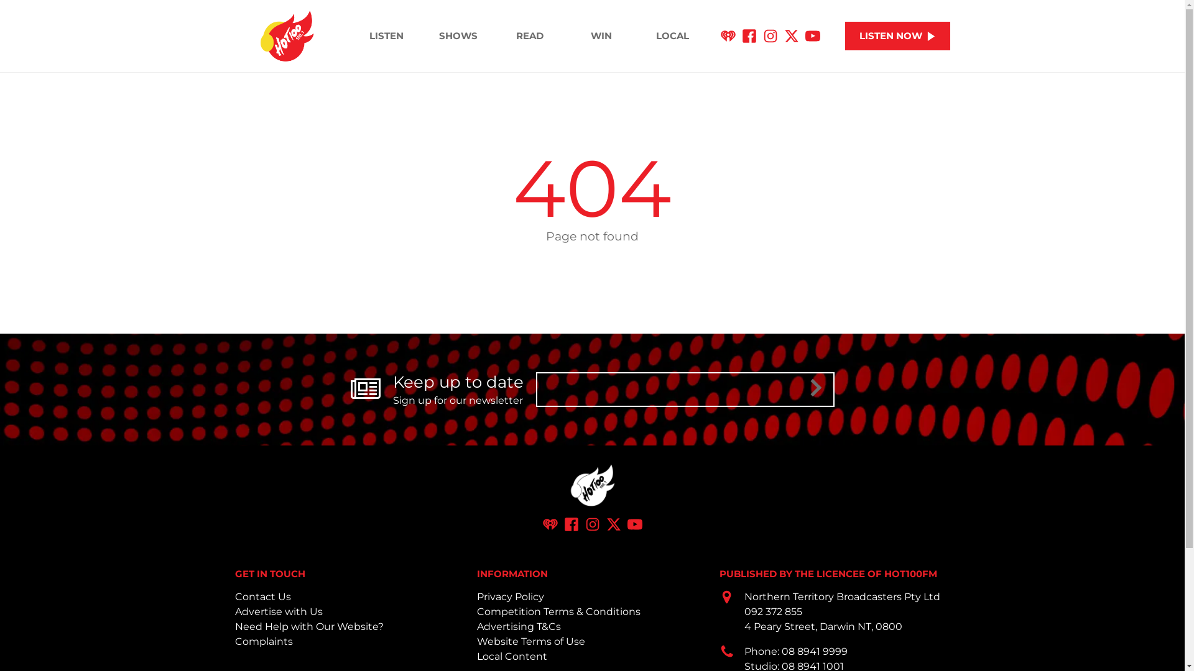 The height and width of the screenshot is (671, 1194). Describe the element at coordinates (278, 611) in the screenshot. I see `'Advertise with Us'` at that location.